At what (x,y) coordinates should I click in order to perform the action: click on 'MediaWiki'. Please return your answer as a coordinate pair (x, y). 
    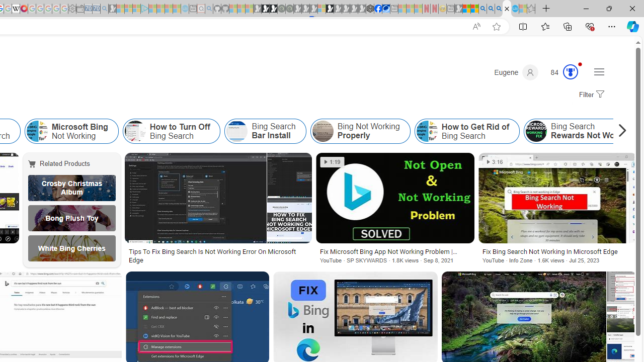
    Looking at the image, I should click on (24, 9).